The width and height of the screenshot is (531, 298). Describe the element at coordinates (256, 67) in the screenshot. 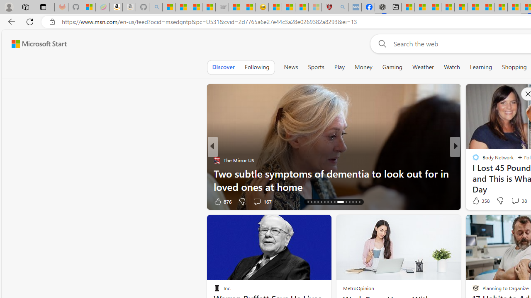

I see `'Following'` at that location.